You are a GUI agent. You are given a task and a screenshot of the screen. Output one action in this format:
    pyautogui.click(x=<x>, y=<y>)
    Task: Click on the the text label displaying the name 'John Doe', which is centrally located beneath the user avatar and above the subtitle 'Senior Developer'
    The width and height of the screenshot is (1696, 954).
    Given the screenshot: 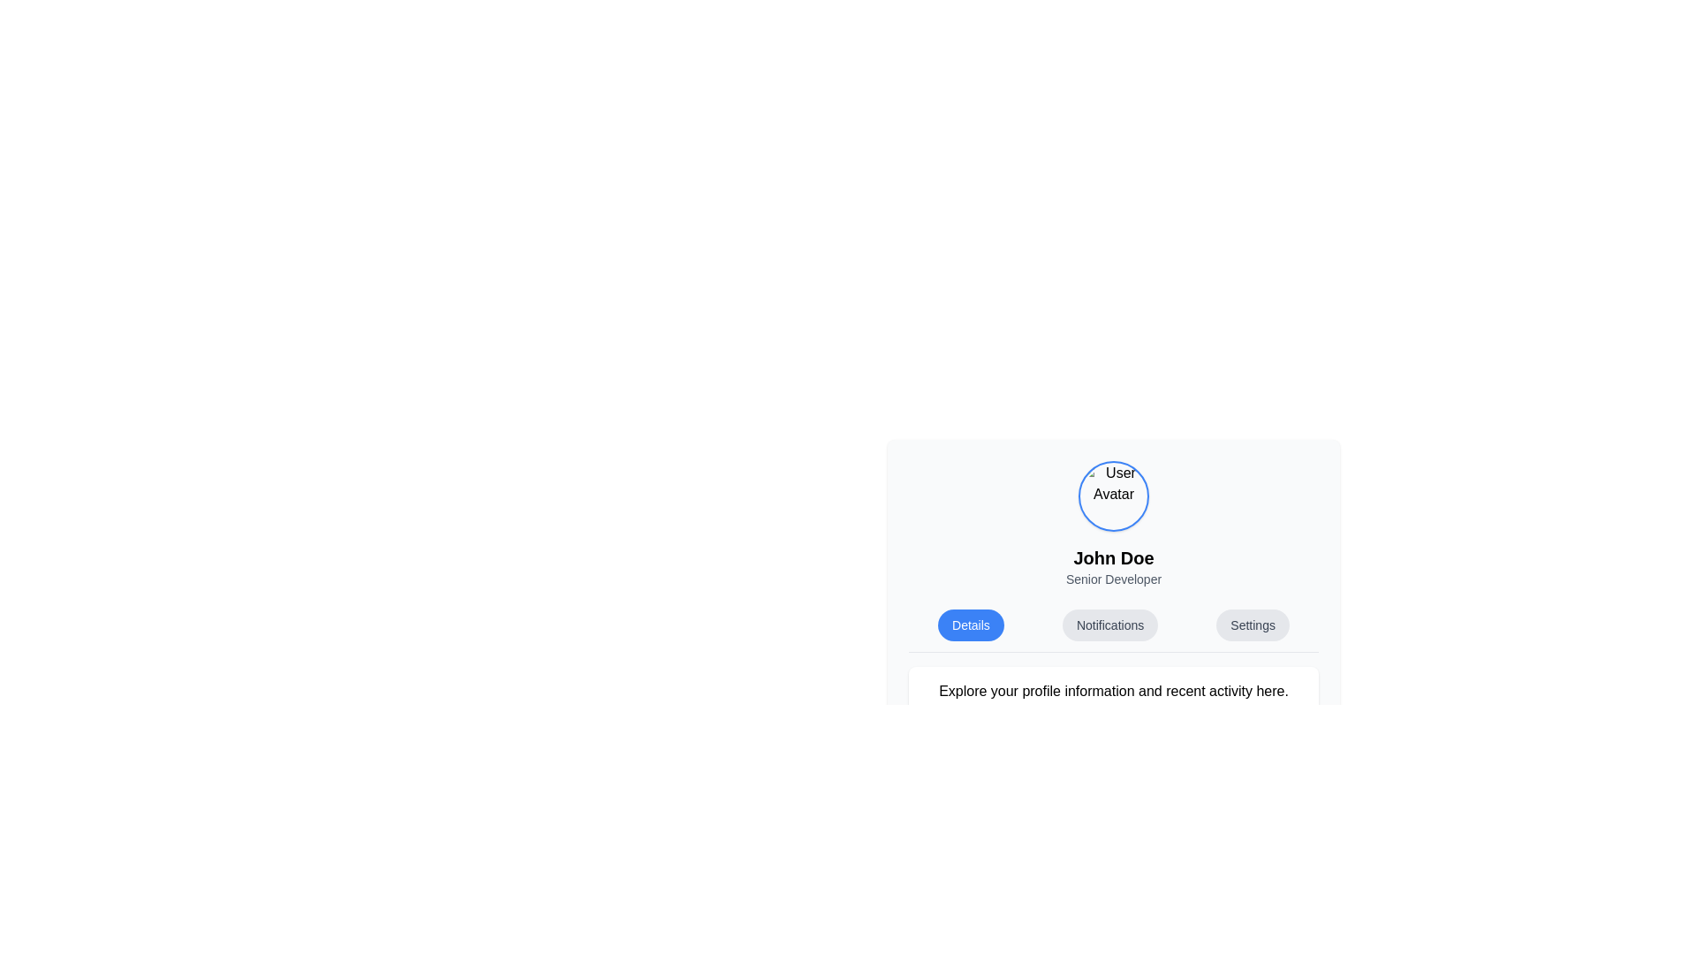 What is the action you would take?
    pyautogui.click(x=1113, y=558)
    